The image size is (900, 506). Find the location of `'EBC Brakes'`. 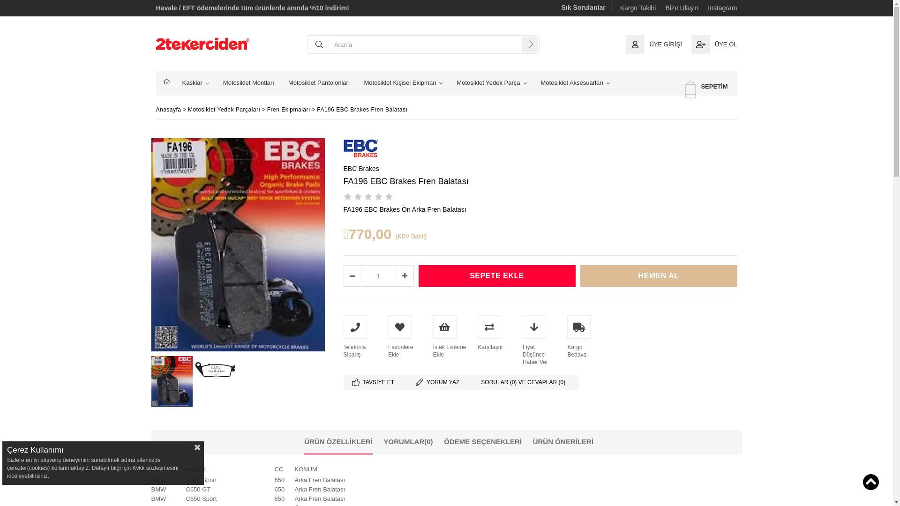

'EBC Brakes' is located at coordinates (360, 168).